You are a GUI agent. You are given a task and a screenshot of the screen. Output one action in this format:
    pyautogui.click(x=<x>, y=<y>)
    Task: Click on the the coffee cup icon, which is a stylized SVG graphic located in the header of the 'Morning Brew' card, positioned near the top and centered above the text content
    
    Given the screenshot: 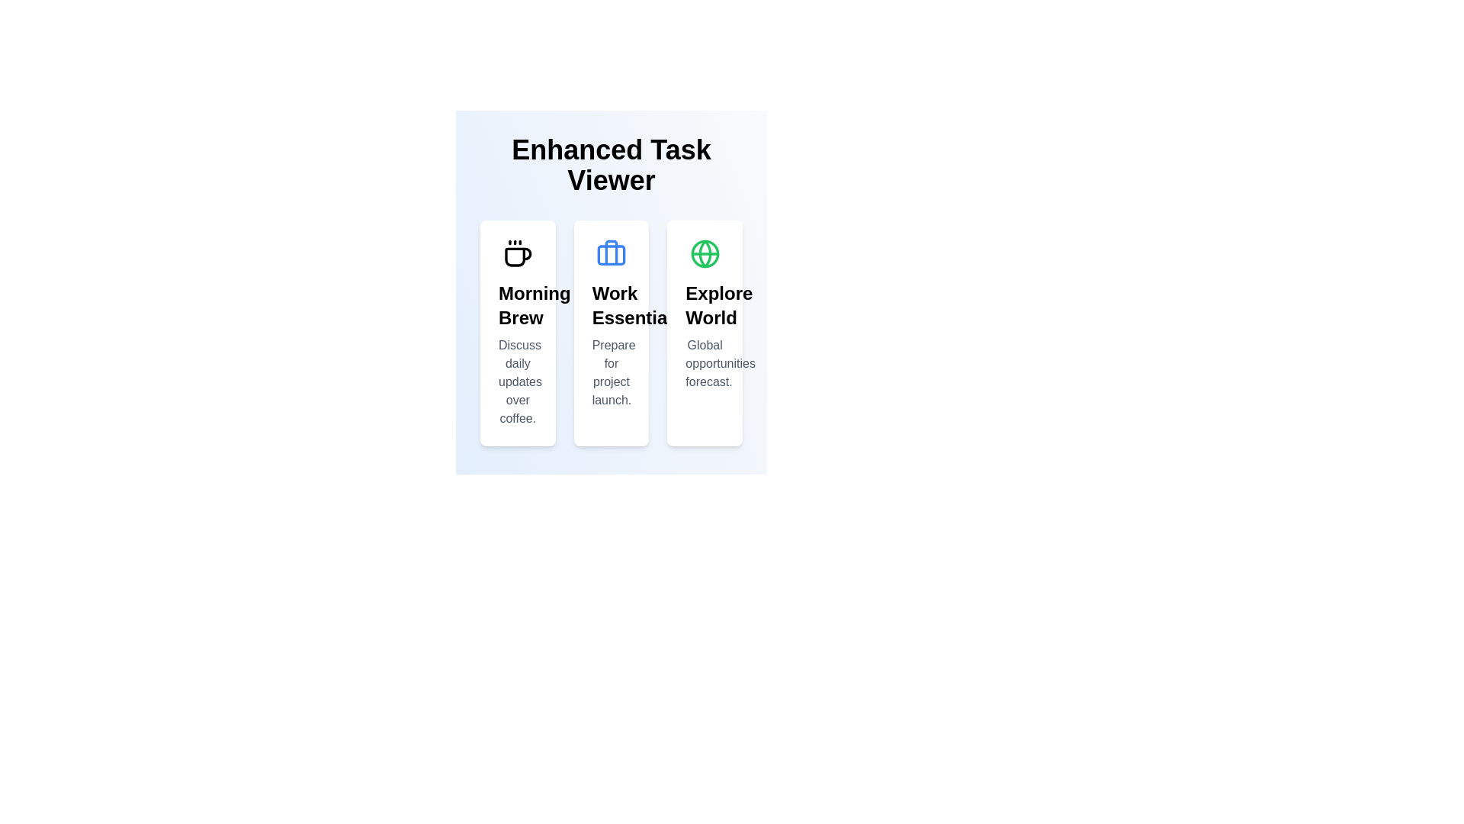 What is the action you would take?
    pyautogui.click(x=518, y=253)
    